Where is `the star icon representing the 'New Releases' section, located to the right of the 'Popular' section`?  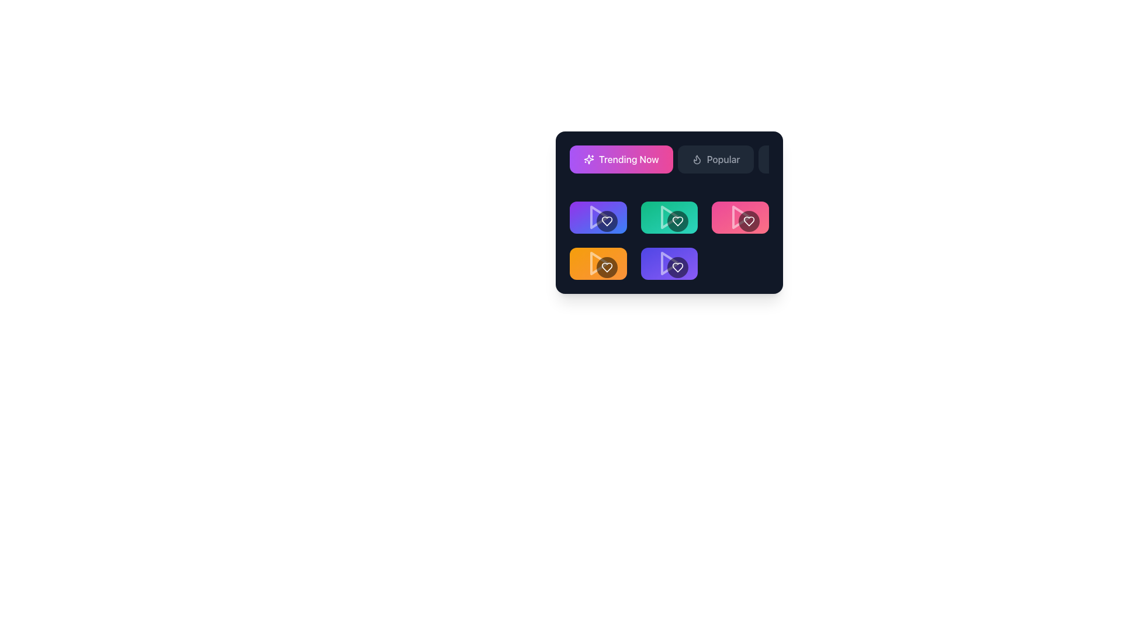 the star icon representing the 'New Releases' section, located to the right of the 'Popular' section is located at coordinates (778, 160).